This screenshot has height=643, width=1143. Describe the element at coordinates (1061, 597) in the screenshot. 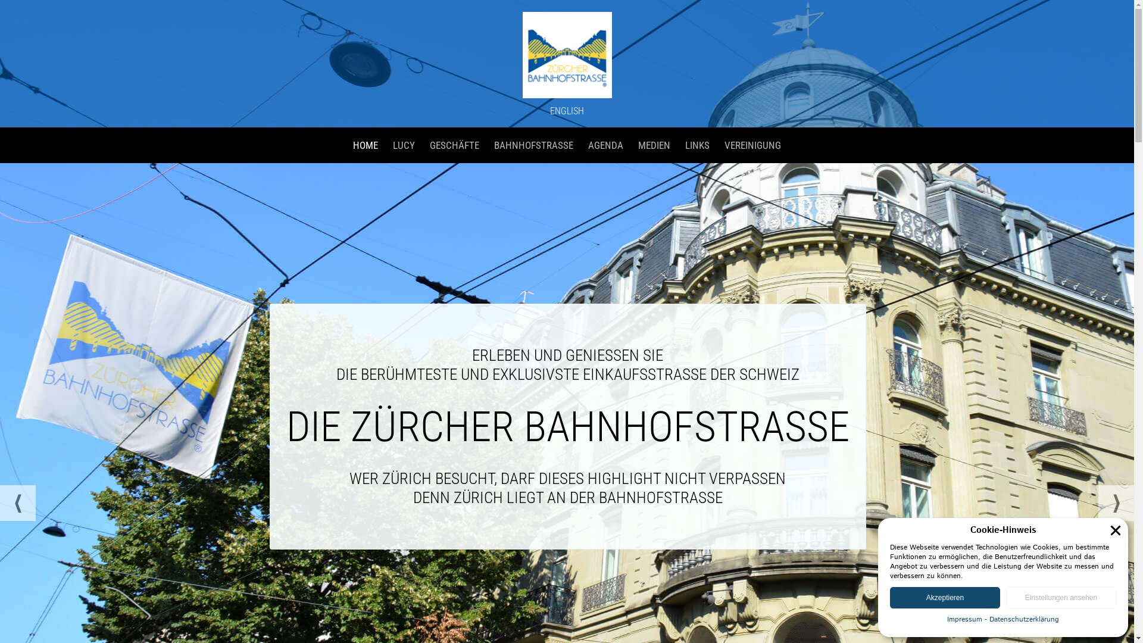

I see `'Einstellungen ansehen'` at that location.